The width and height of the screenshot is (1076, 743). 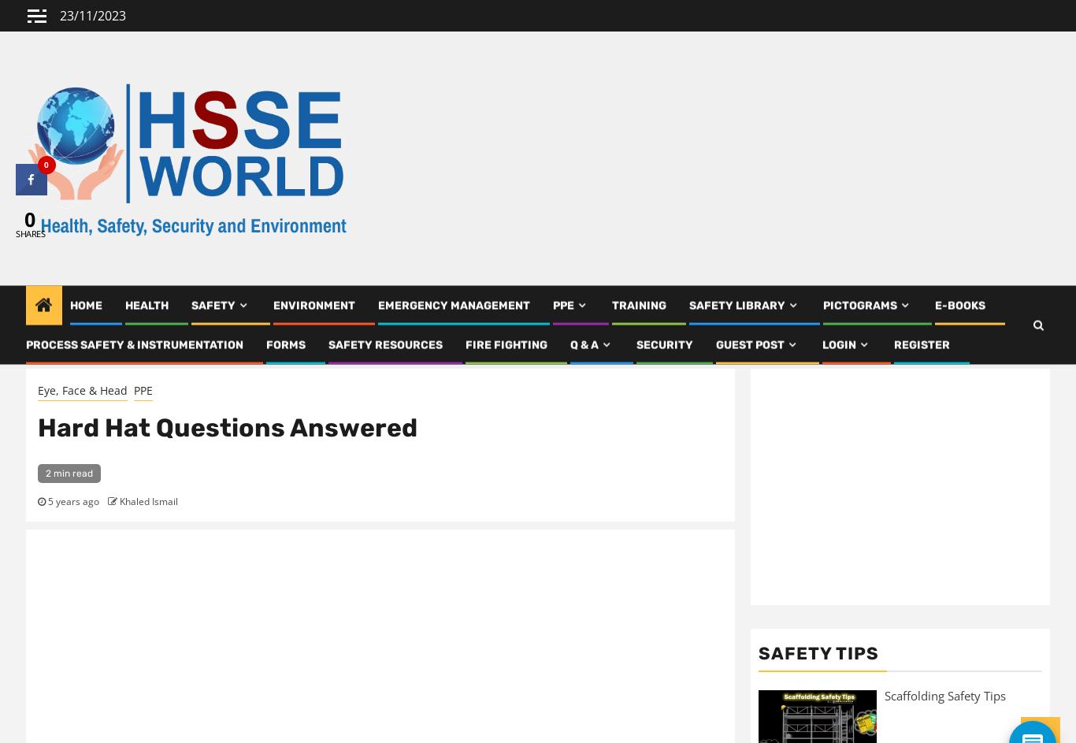 What do you see at coordinates (30, 232) in the screenshot?
I see `'Shares'` at bounding box center [30, 232].